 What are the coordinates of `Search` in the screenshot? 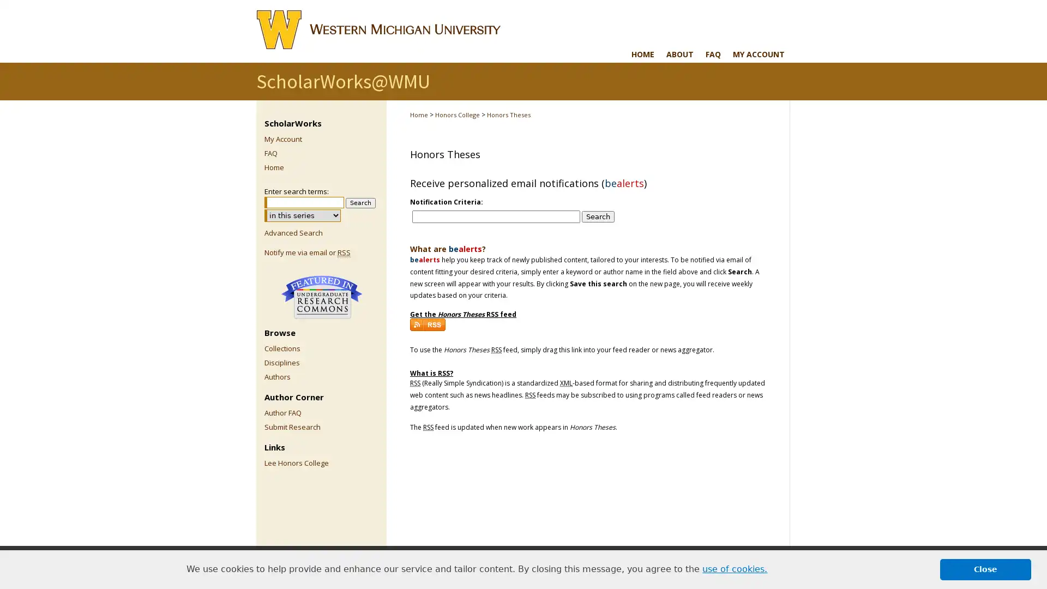 It's located at (360, 203).